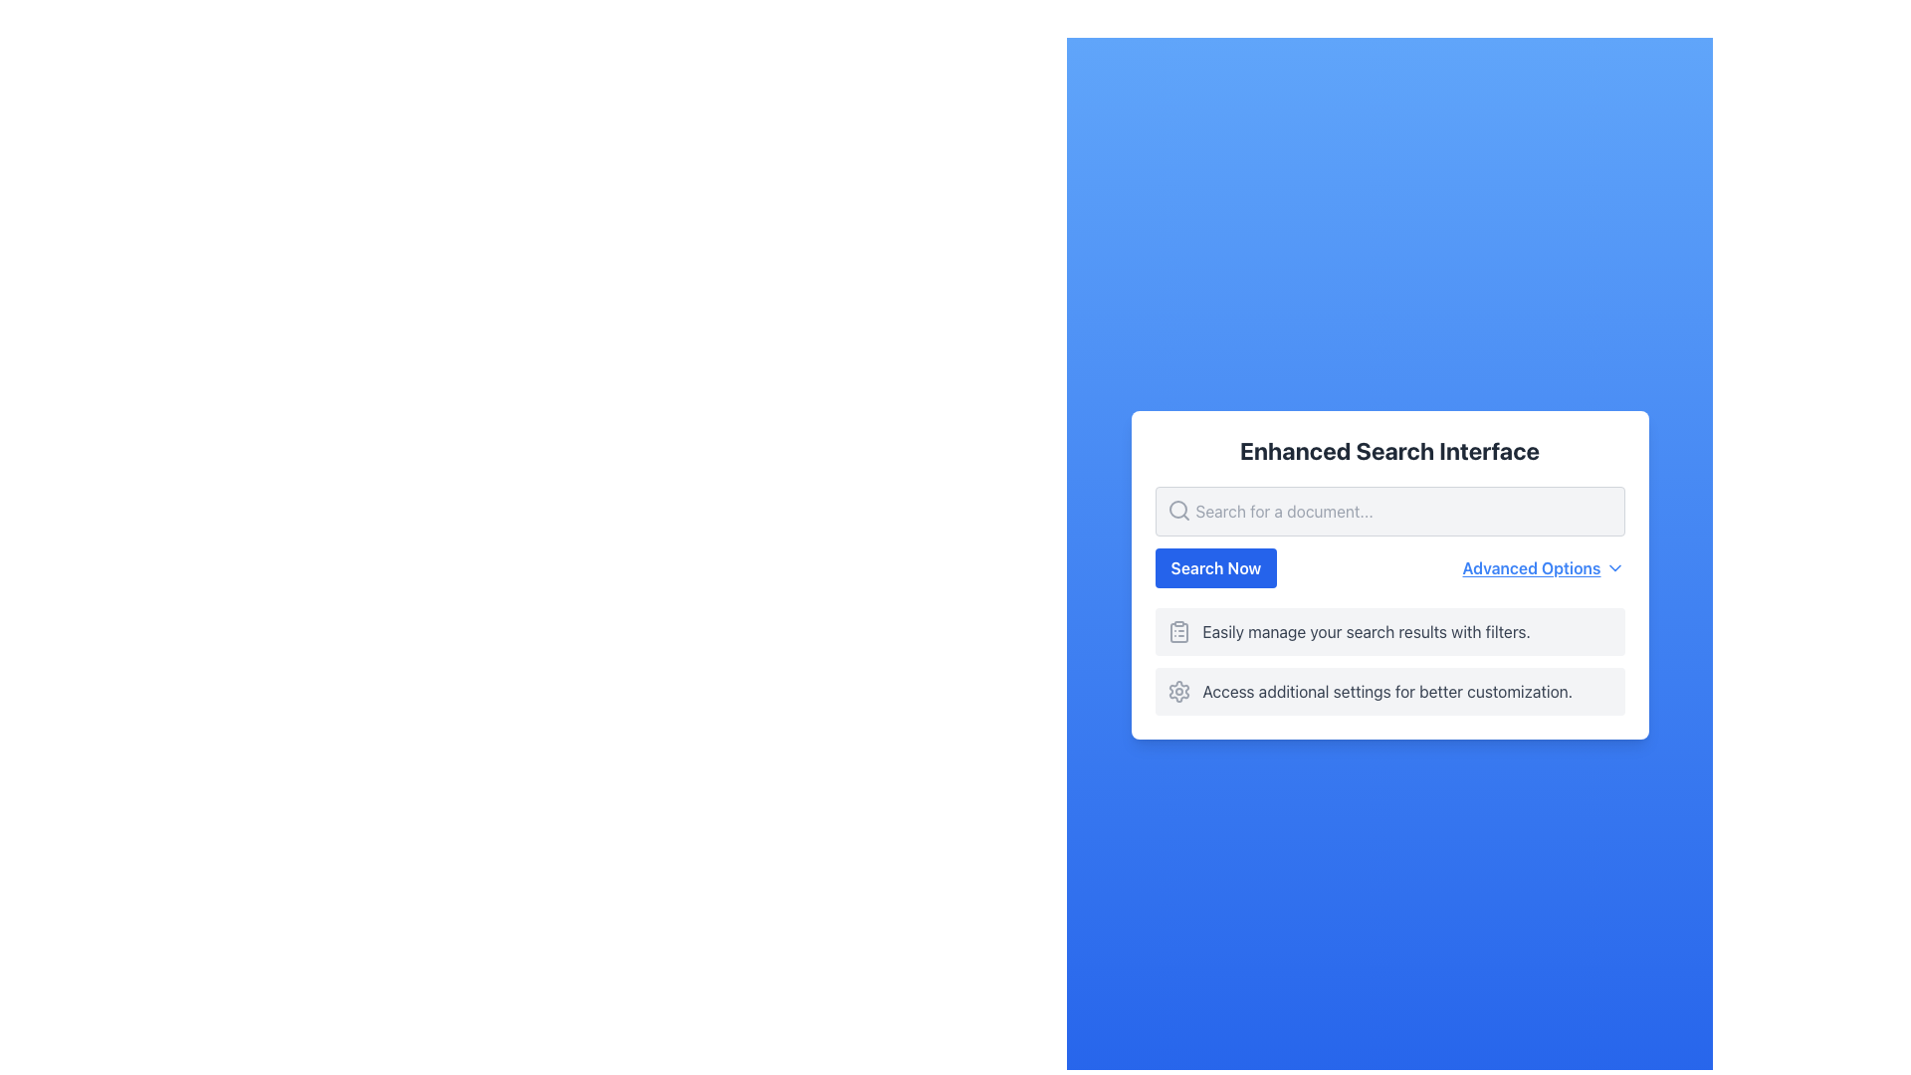  I want to click on the search icon located at the leftmost position of the search bar in the top section of the white card UI, so click(1178, 510).